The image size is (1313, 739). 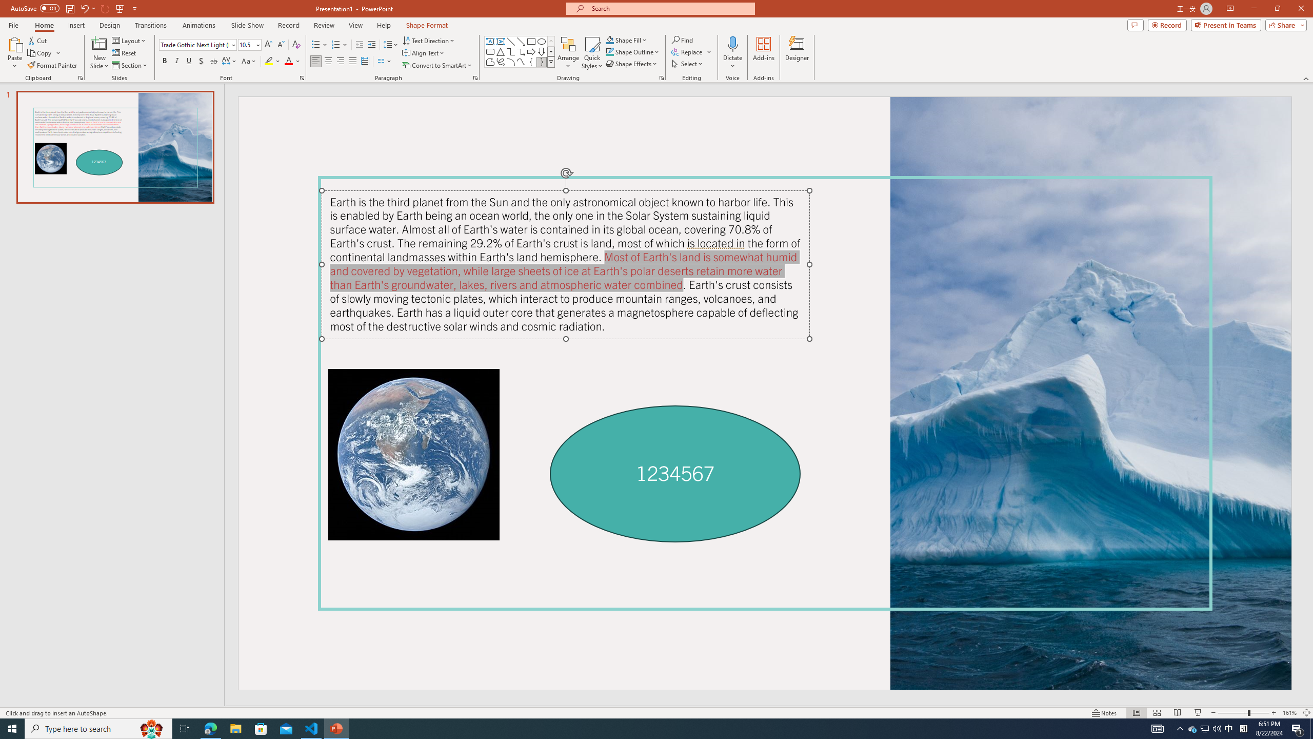 I want to click on 'Justify', so click(x=352, y=61).